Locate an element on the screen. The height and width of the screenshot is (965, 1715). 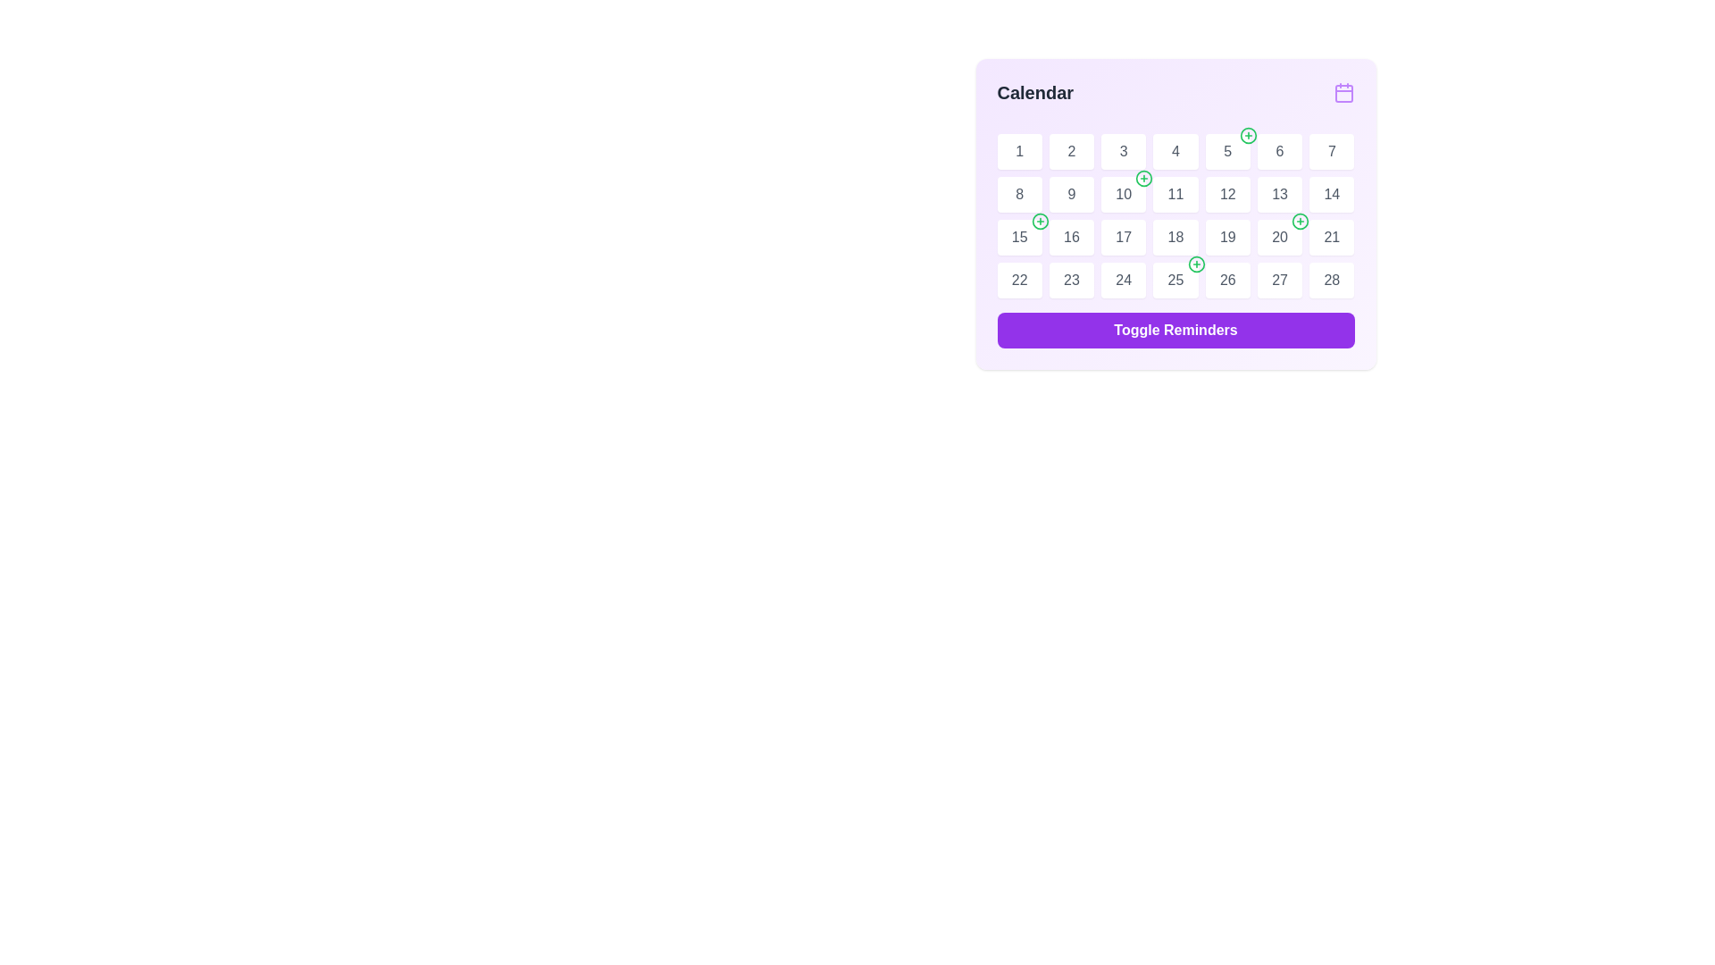
the text label or date entry located in the second row, fifth position of the calendar grid is located at coordinates (1226, 150).